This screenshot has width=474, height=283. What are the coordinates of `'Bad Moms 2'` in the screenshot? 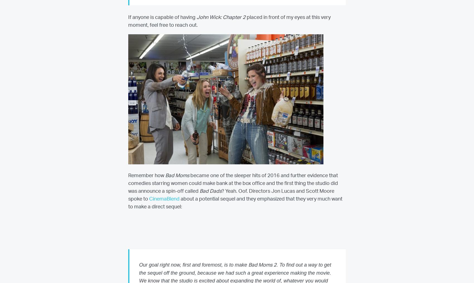 It's located at (262, 265).